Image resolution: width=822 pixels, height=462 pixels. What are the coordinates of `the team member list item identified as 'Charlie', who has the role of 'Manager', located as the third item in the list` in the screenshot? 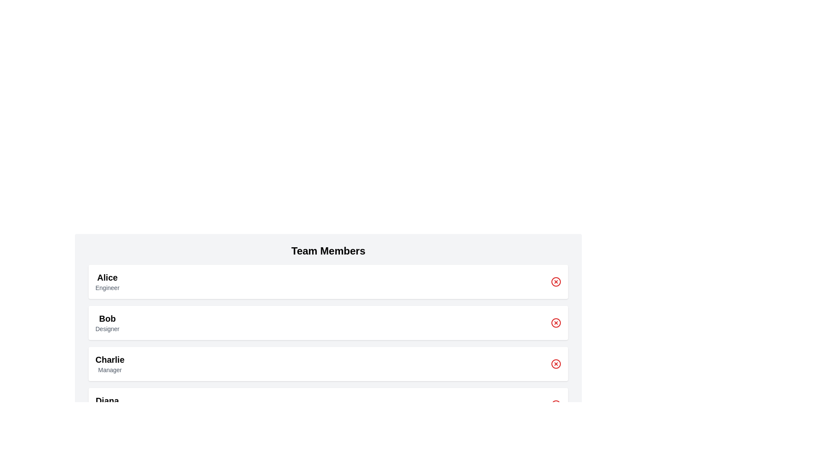 It's located at (328, 364).